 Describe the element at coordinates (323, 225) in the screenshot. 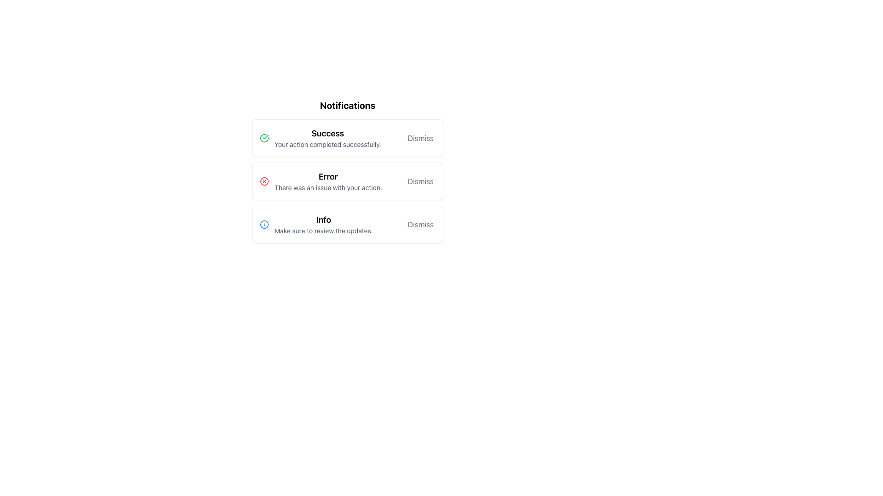

I see `the text display element that provides updates, located in the third position of the notification block` at that location.